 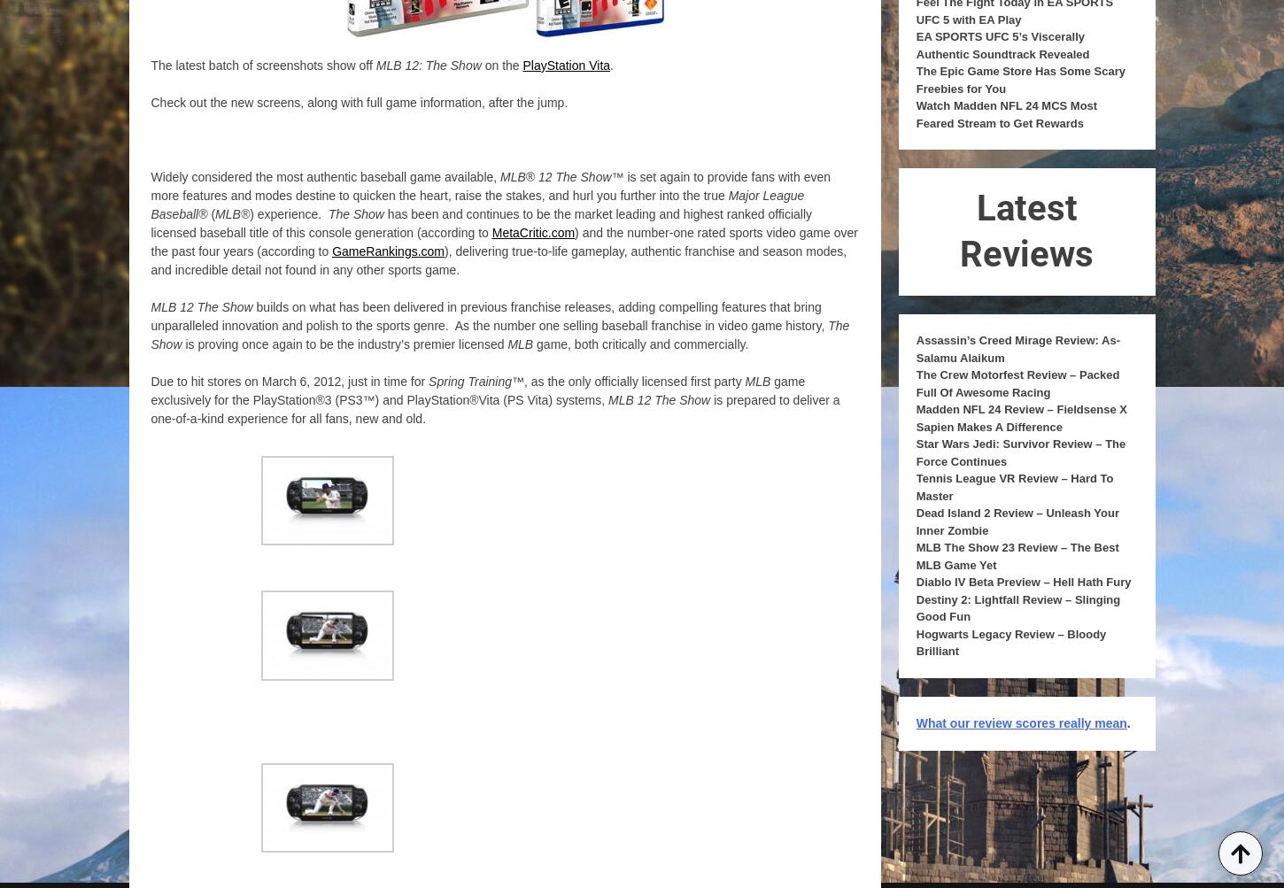 I want to click on 'game exclusively for the PlayStation®3 (PS3™) and PlayStation®Vita (PS Vita) systems,', so click(x=477, y=390).